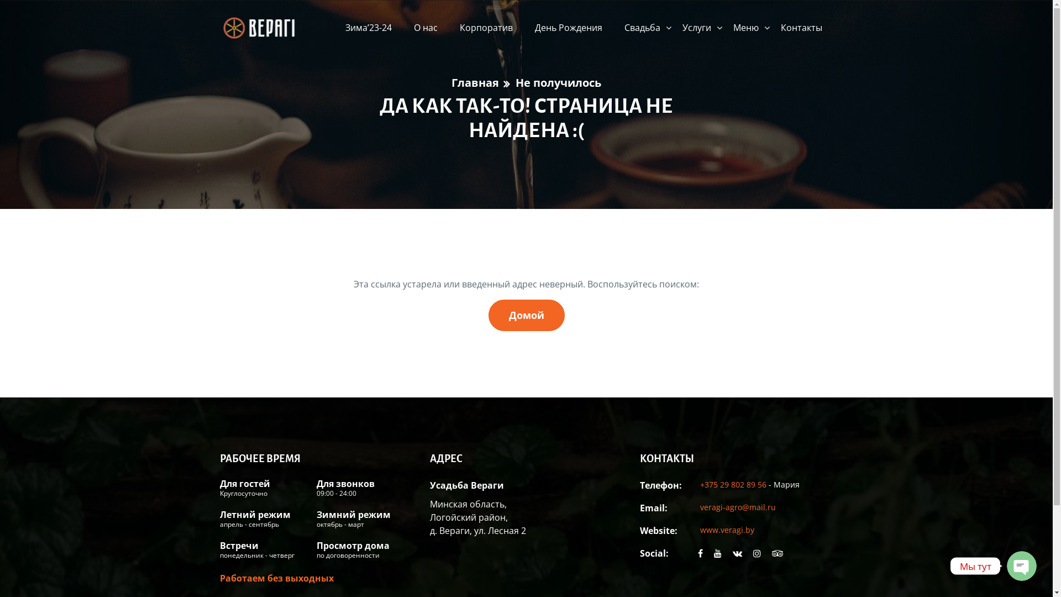 This screenshot has height=597, width=1061. What do you see at coordinates (699, 507) in the screenshot?
I see `'veragi-agro@mail.ru'` at bounding box center [699, 507].